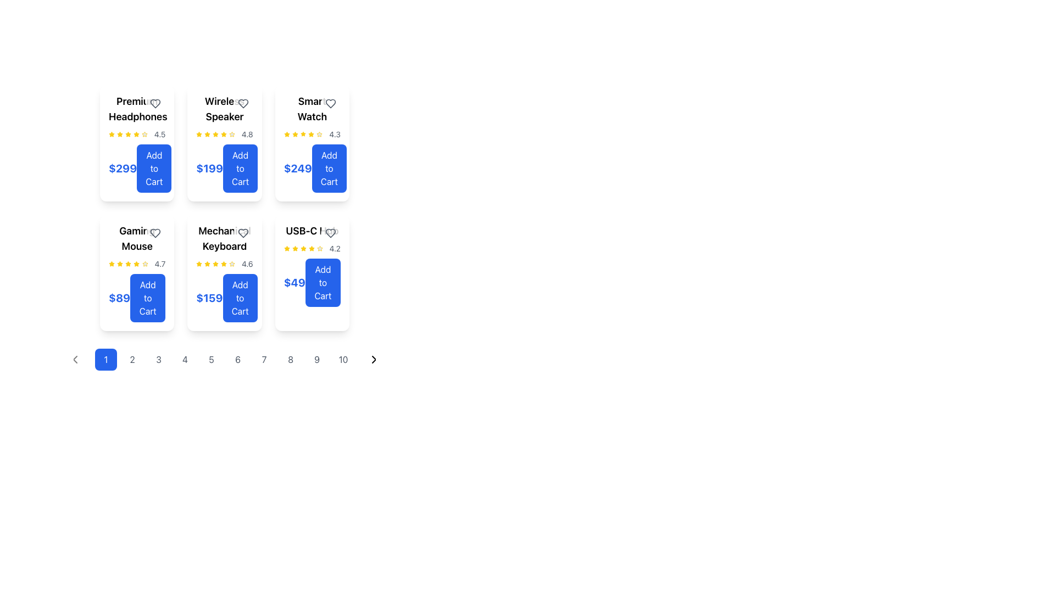 Image resolution: width=1055 pixels, height=593 pixels. I want to click on fourth yellow star icon in the rating section of the card labeled 'USB-C ...', located in the bottom-right corner of the grid of cards, so click(303, 248).